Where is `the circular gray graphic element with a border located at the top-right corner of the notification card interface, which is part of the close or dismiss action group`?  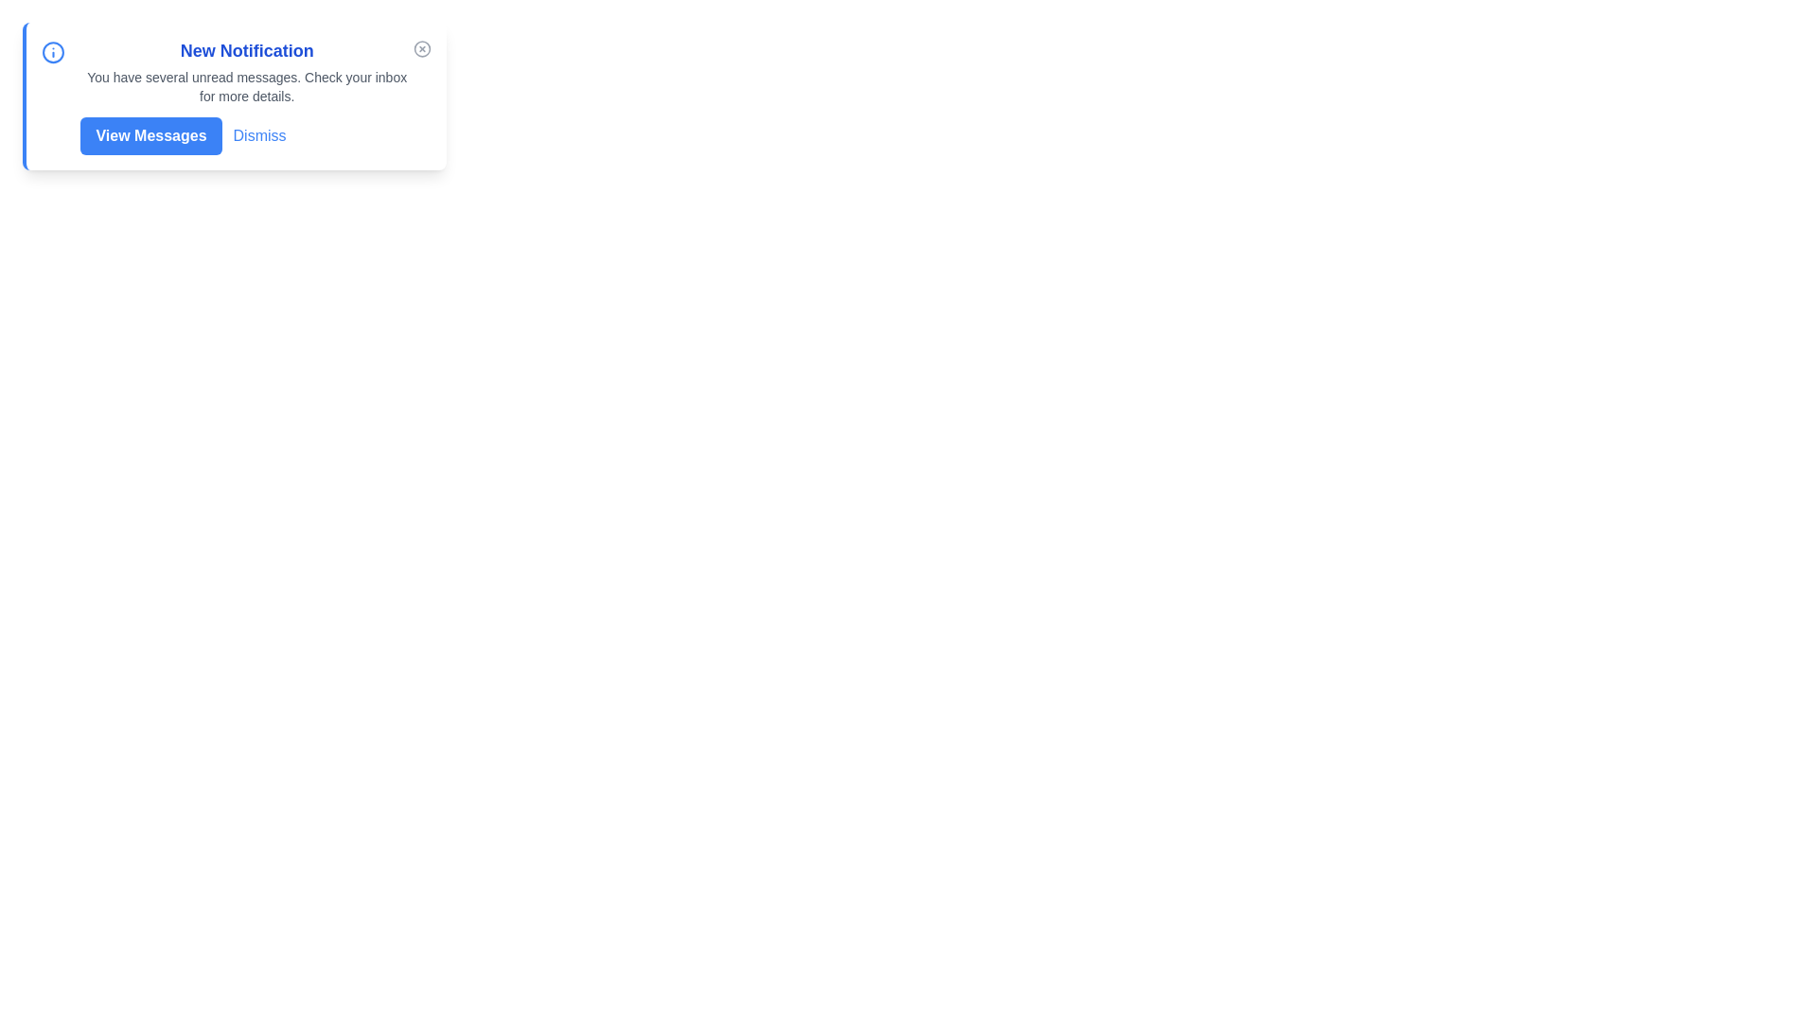 the circular gray graphic element with a border located at the top-right corner of the notification card interface, which is part of the close or dismiss action group is located at coordinates (421, 47).